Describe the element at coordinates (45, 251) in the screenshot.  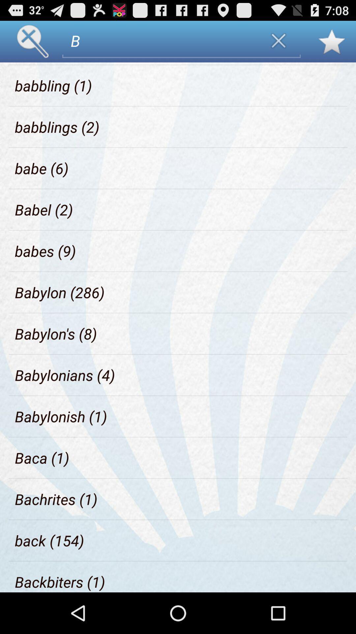
I see `babes (9) app` at that location.